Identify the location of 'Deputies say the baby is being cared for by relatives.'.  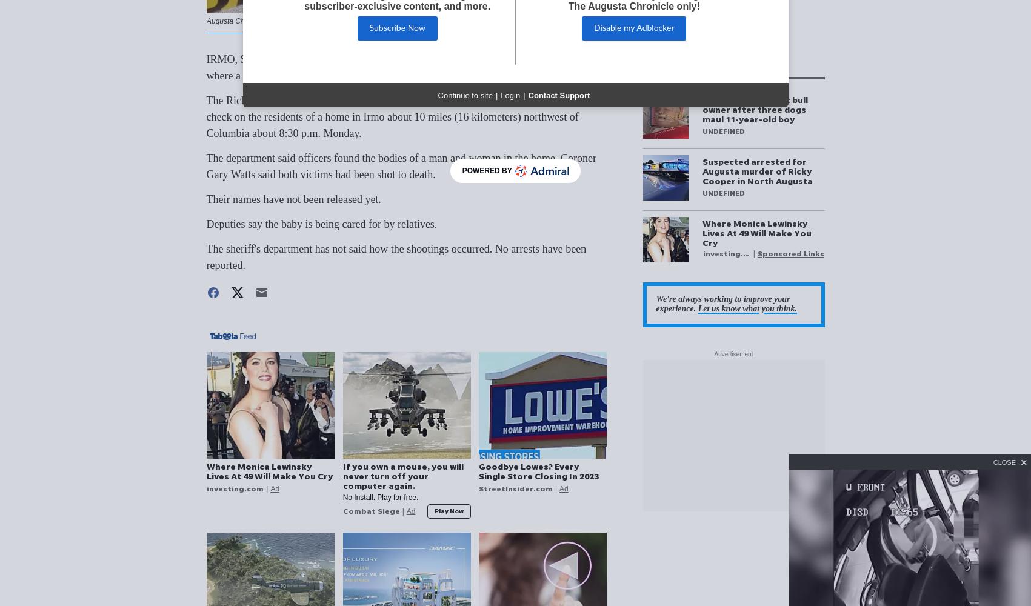
(321, 224).